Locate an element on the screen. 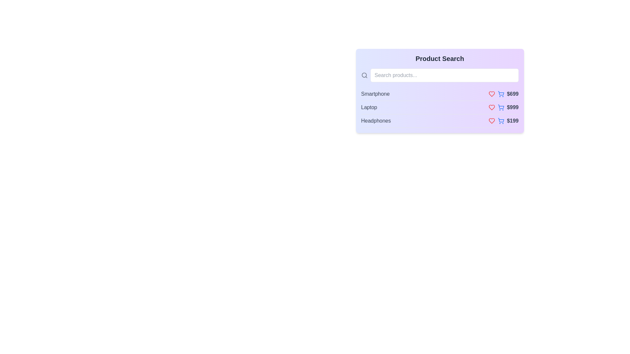 This screenshot has width=630, height=354. the price text label displaying the price of the 'Laptop' product, which is positioned in the second row of the product list, to the immediate right of the shopping cart icon is located at coordinates (503, 107).